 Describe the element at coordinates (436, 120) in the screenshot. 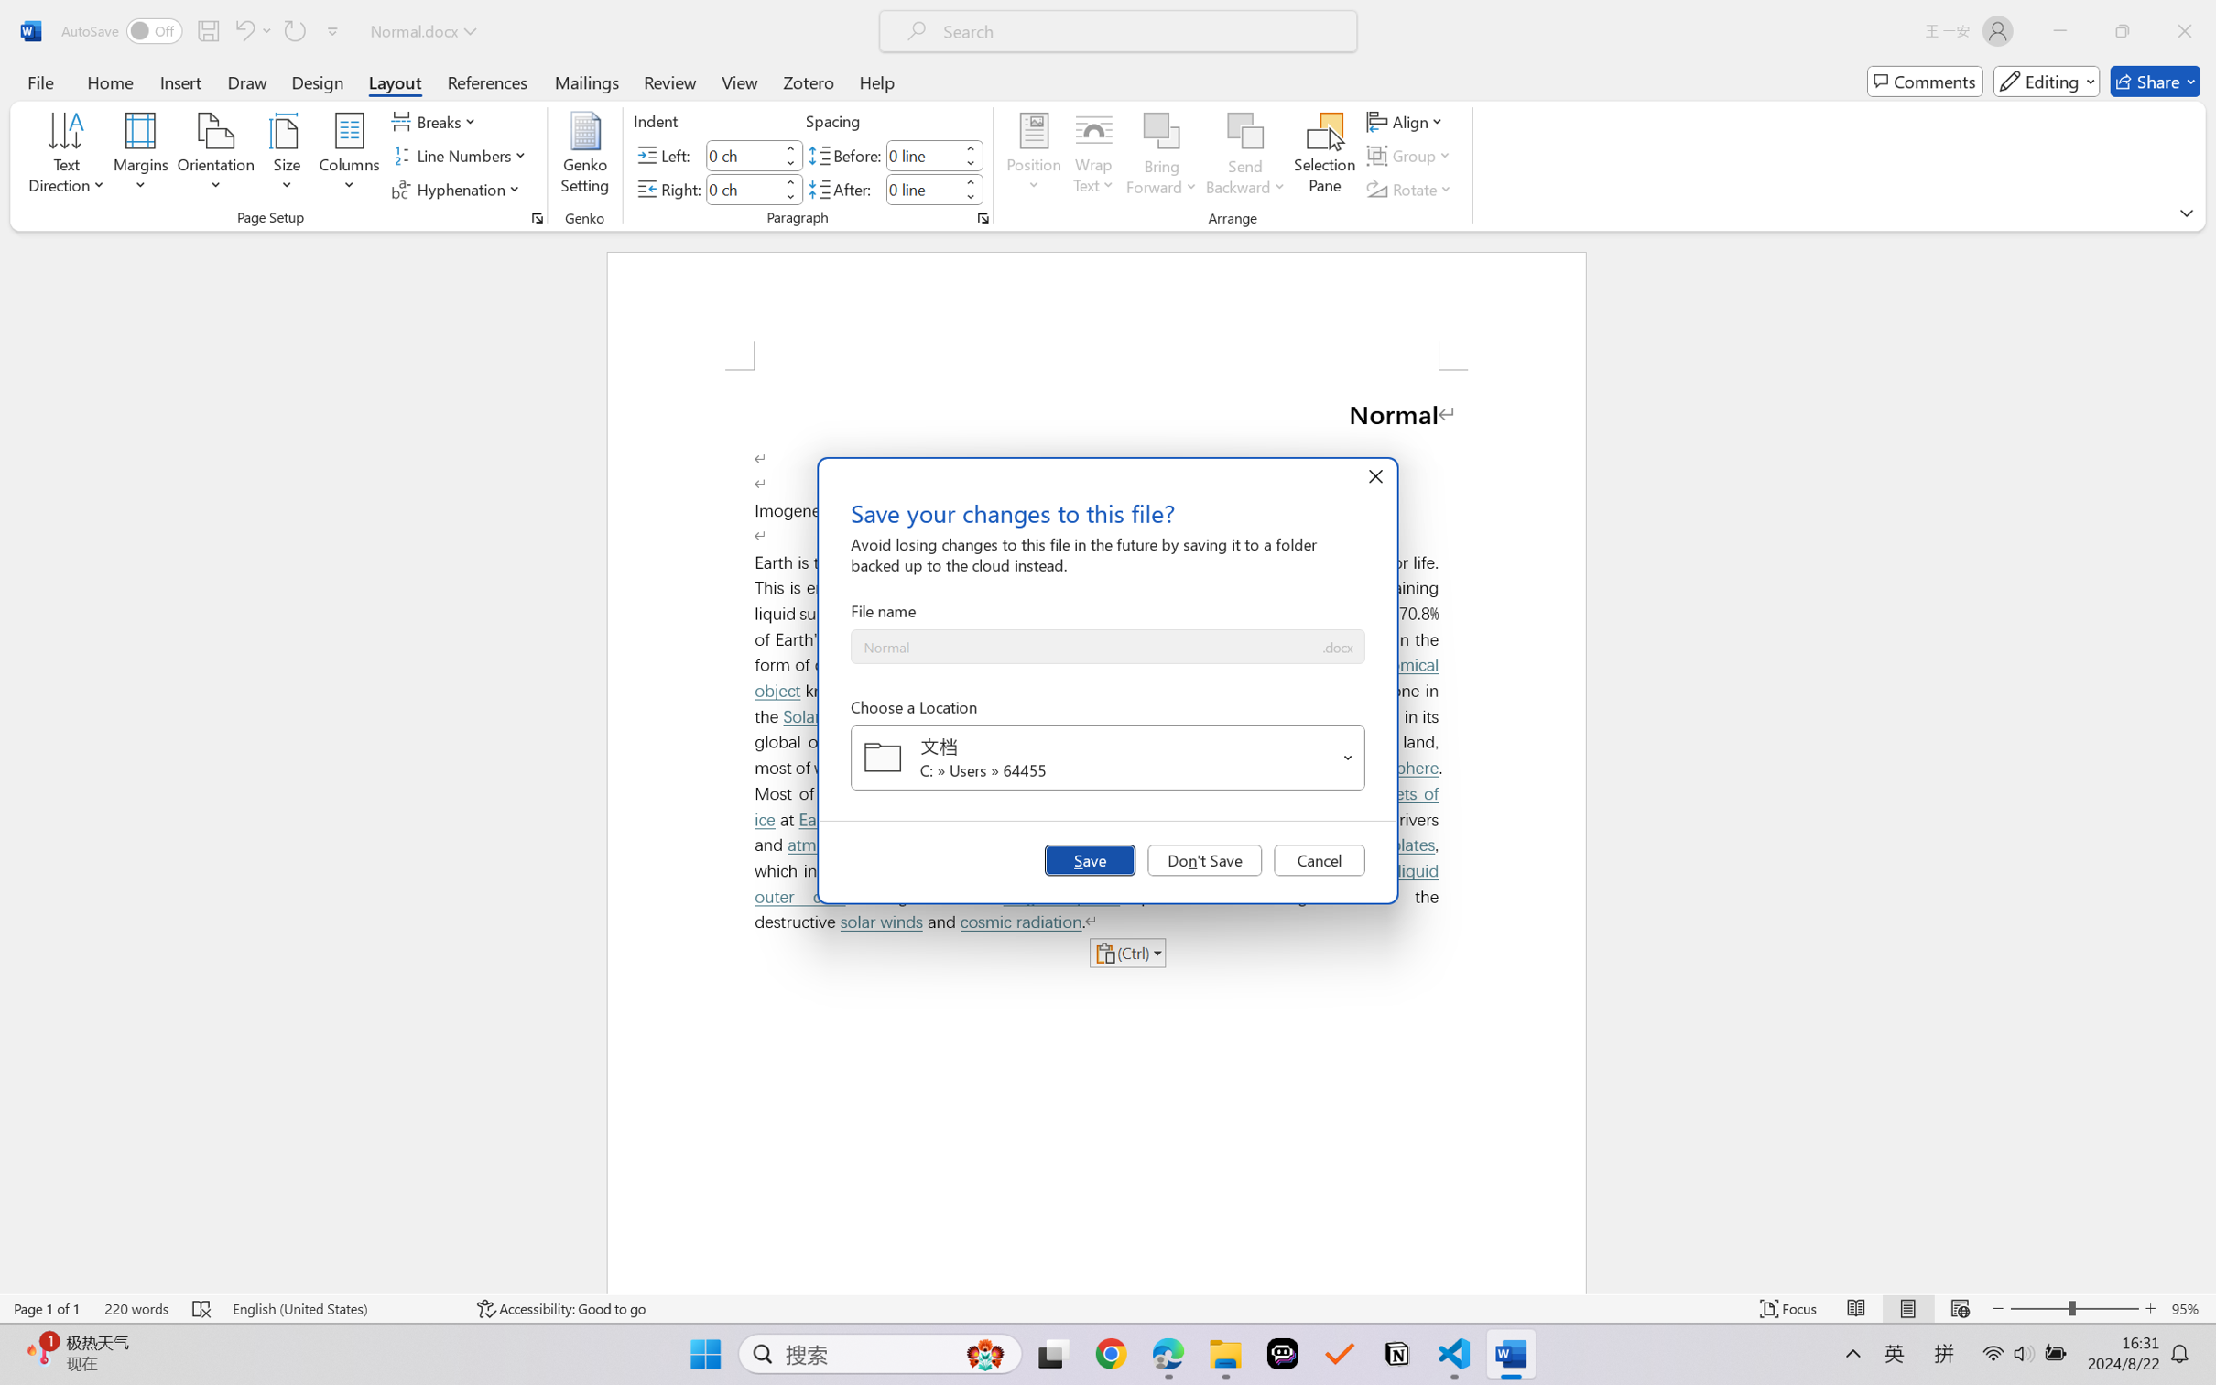

I see `'Breaks'` at that location.